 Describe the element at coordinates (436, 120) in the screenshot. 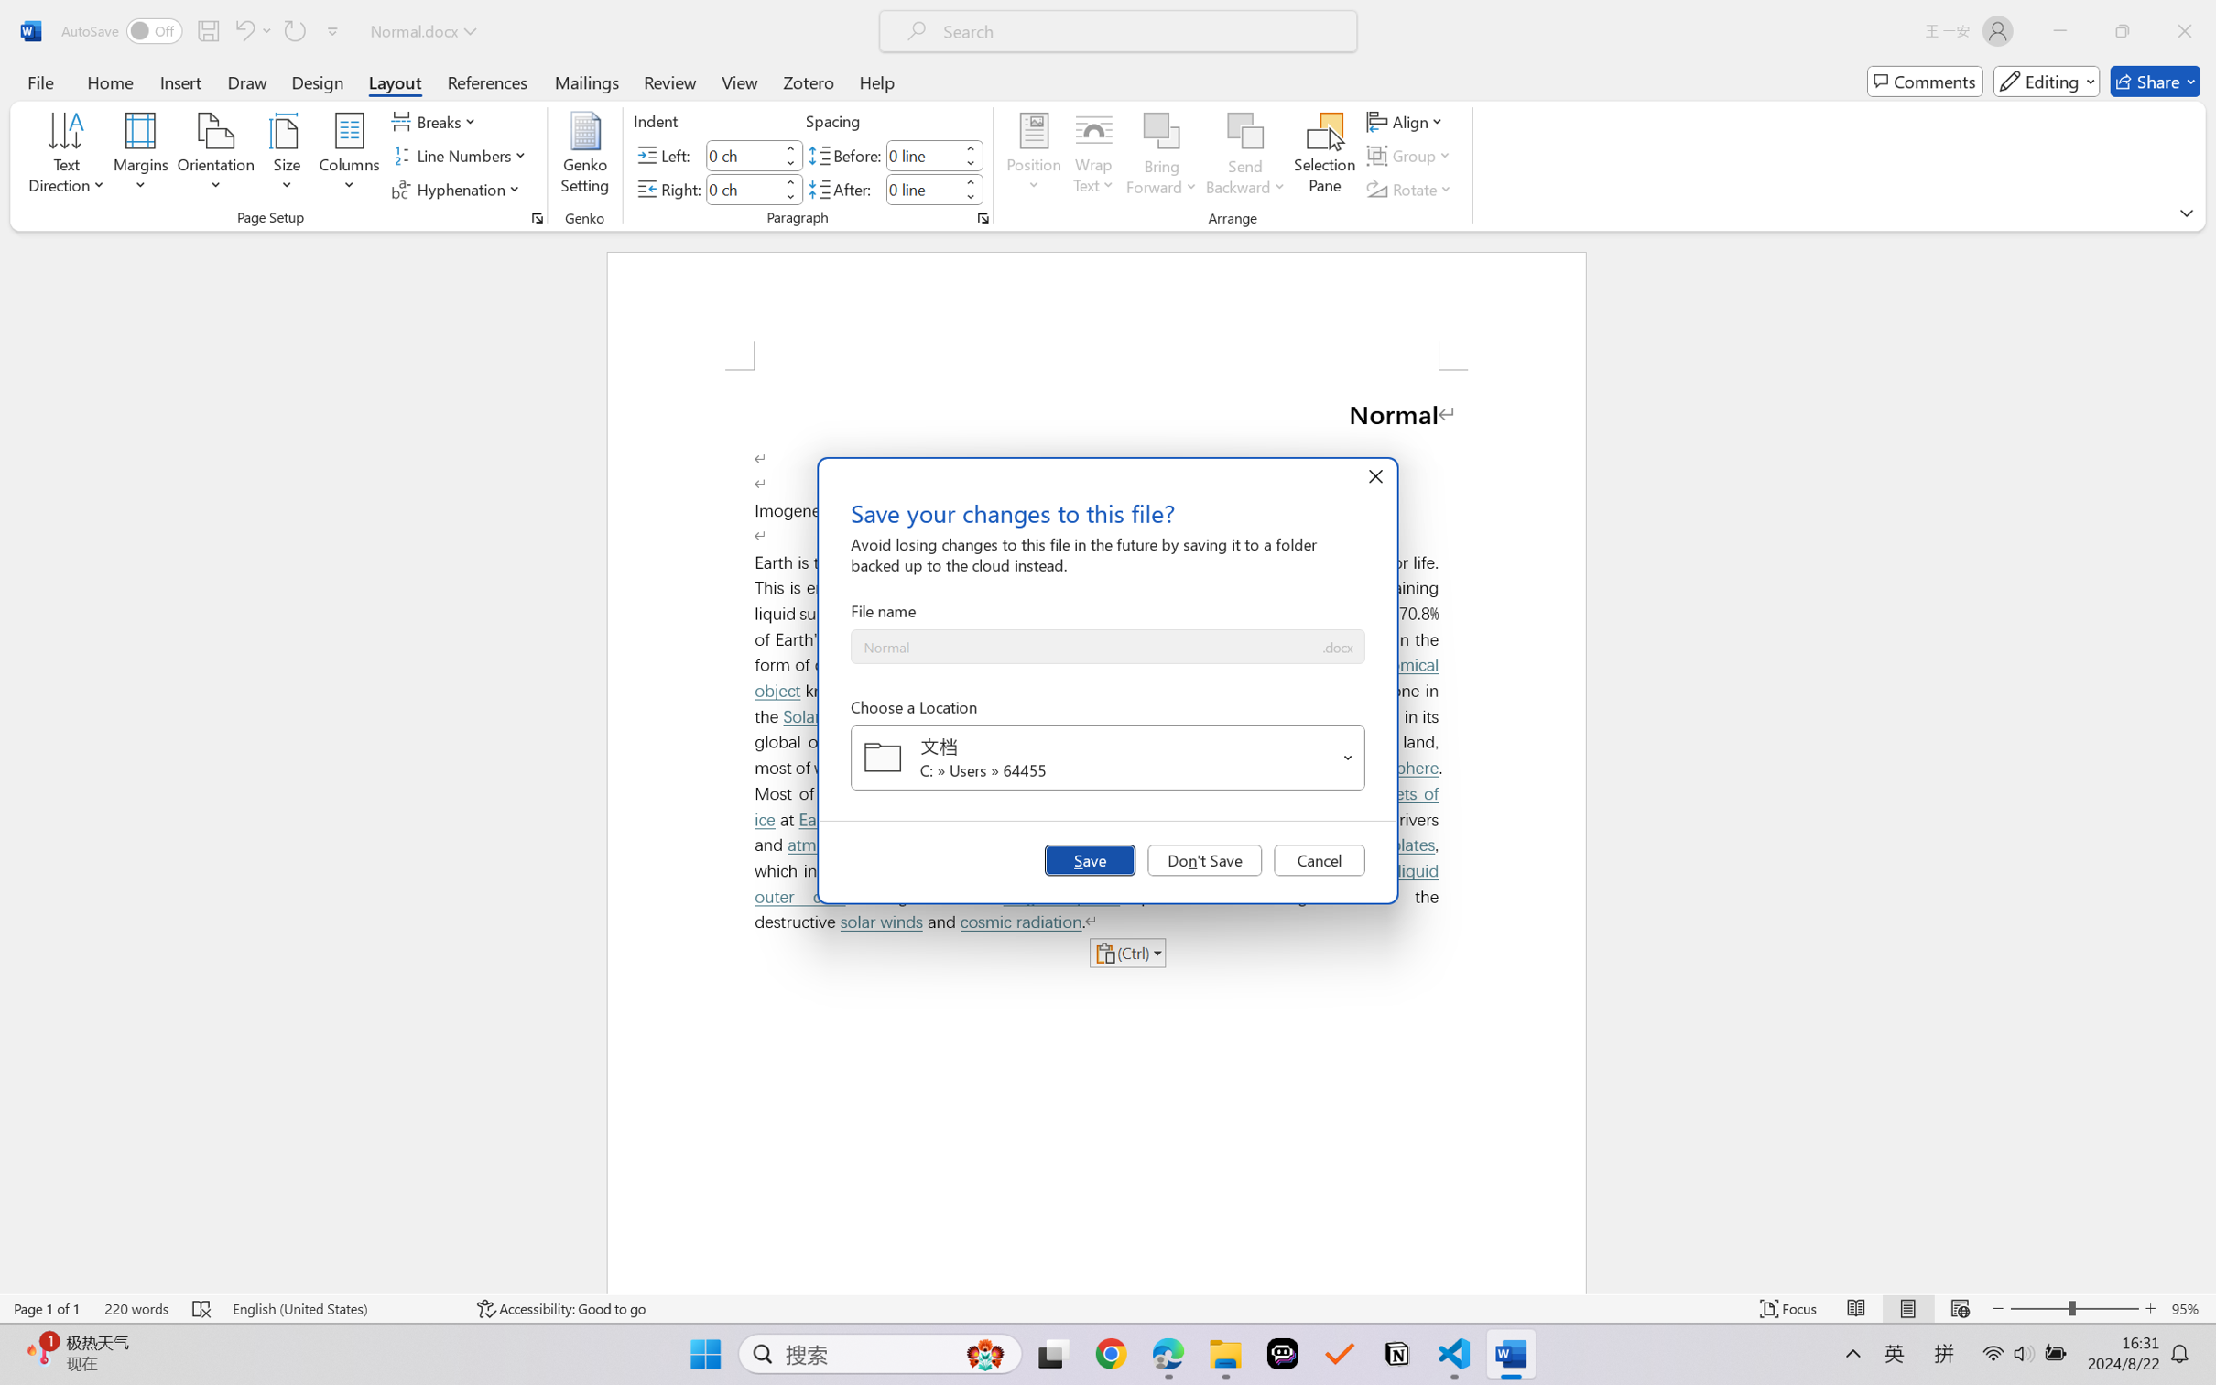

I see `'Breaks'` at that location.